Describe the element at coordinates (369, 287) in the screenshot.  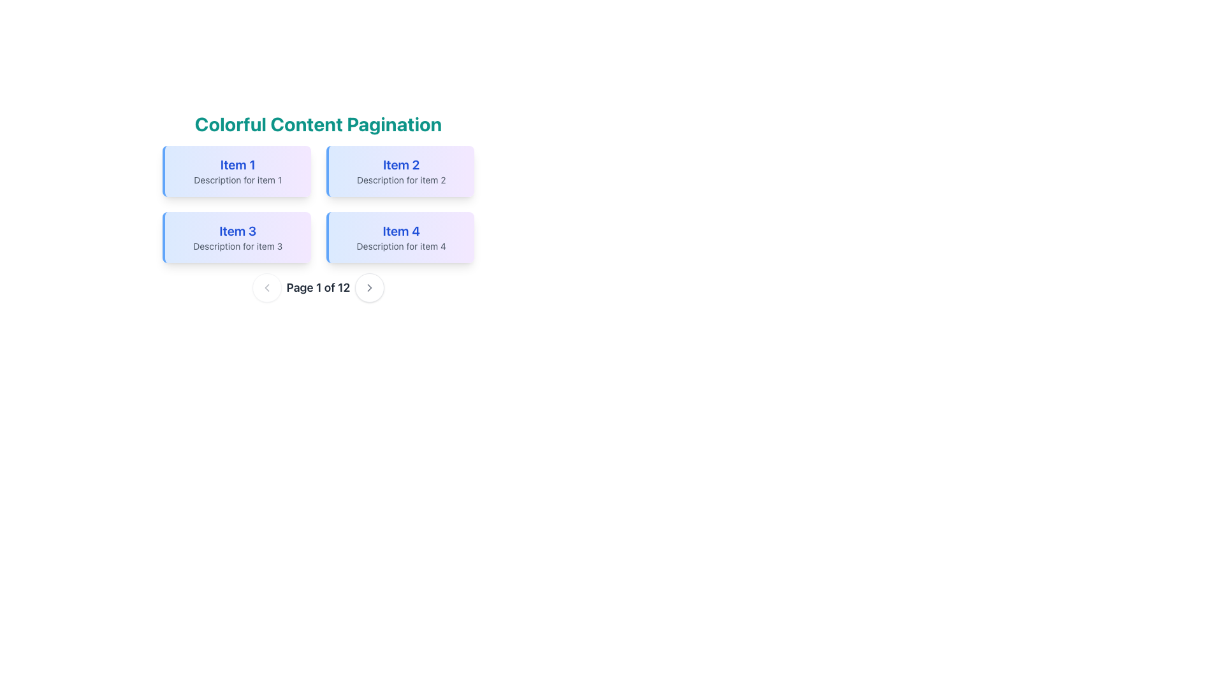
I see `the right-facing chevron arrow icon with a gray stroke and rounded caps, which is part of a circular button near the bottom of the page` at that location.